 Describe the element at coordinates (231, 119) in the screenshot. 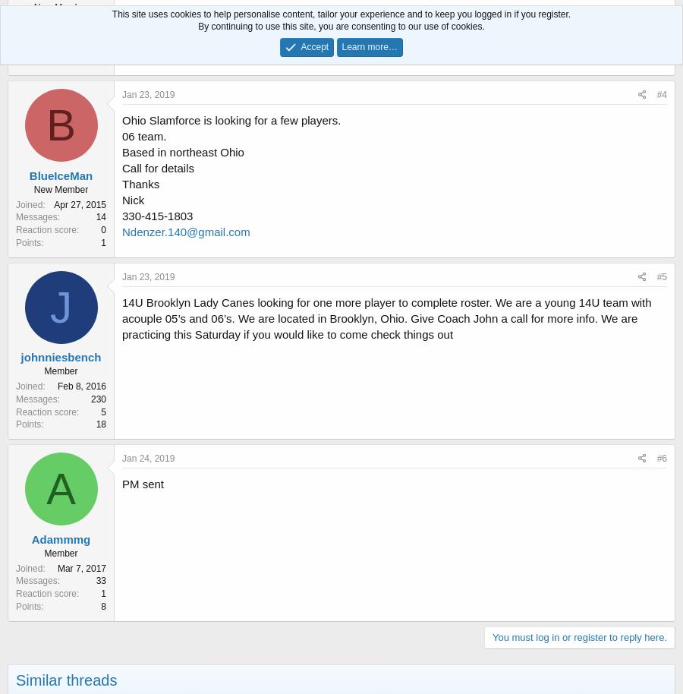

I see `'Ohio Slamforce is looking for a few players.'` at that location.